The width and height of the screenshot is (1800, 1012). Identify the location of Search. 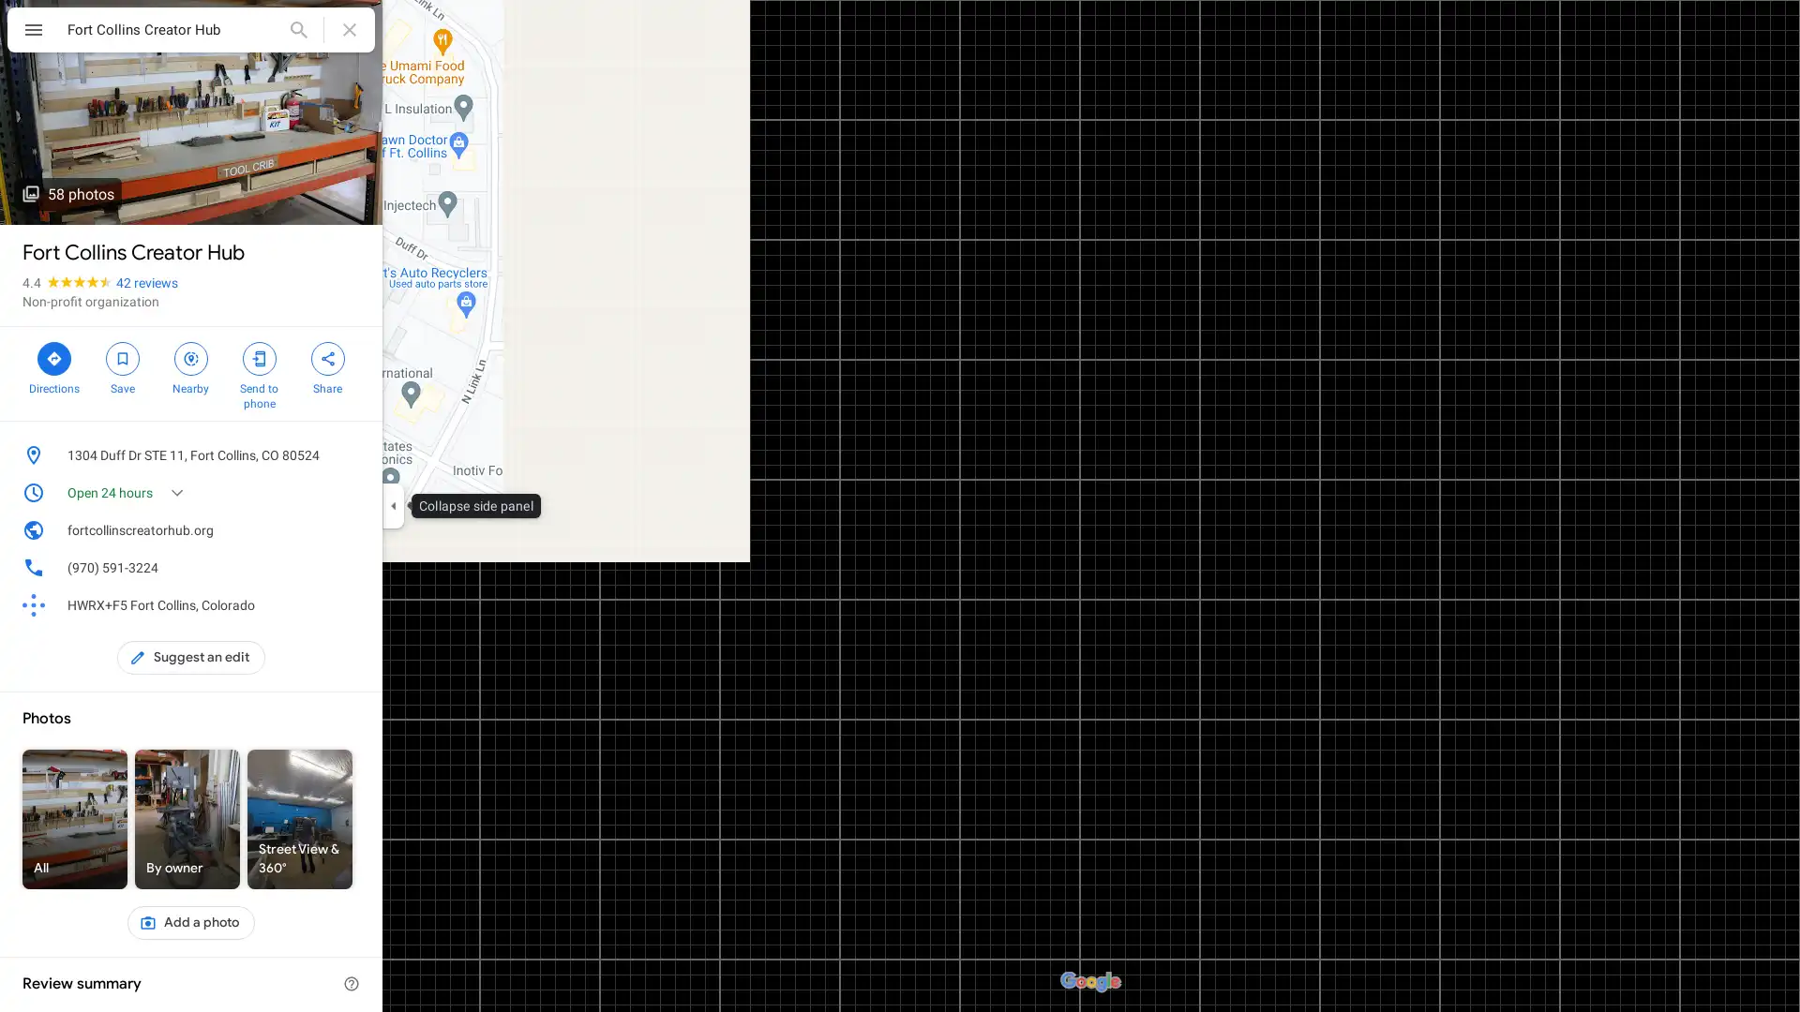
(297, 29).